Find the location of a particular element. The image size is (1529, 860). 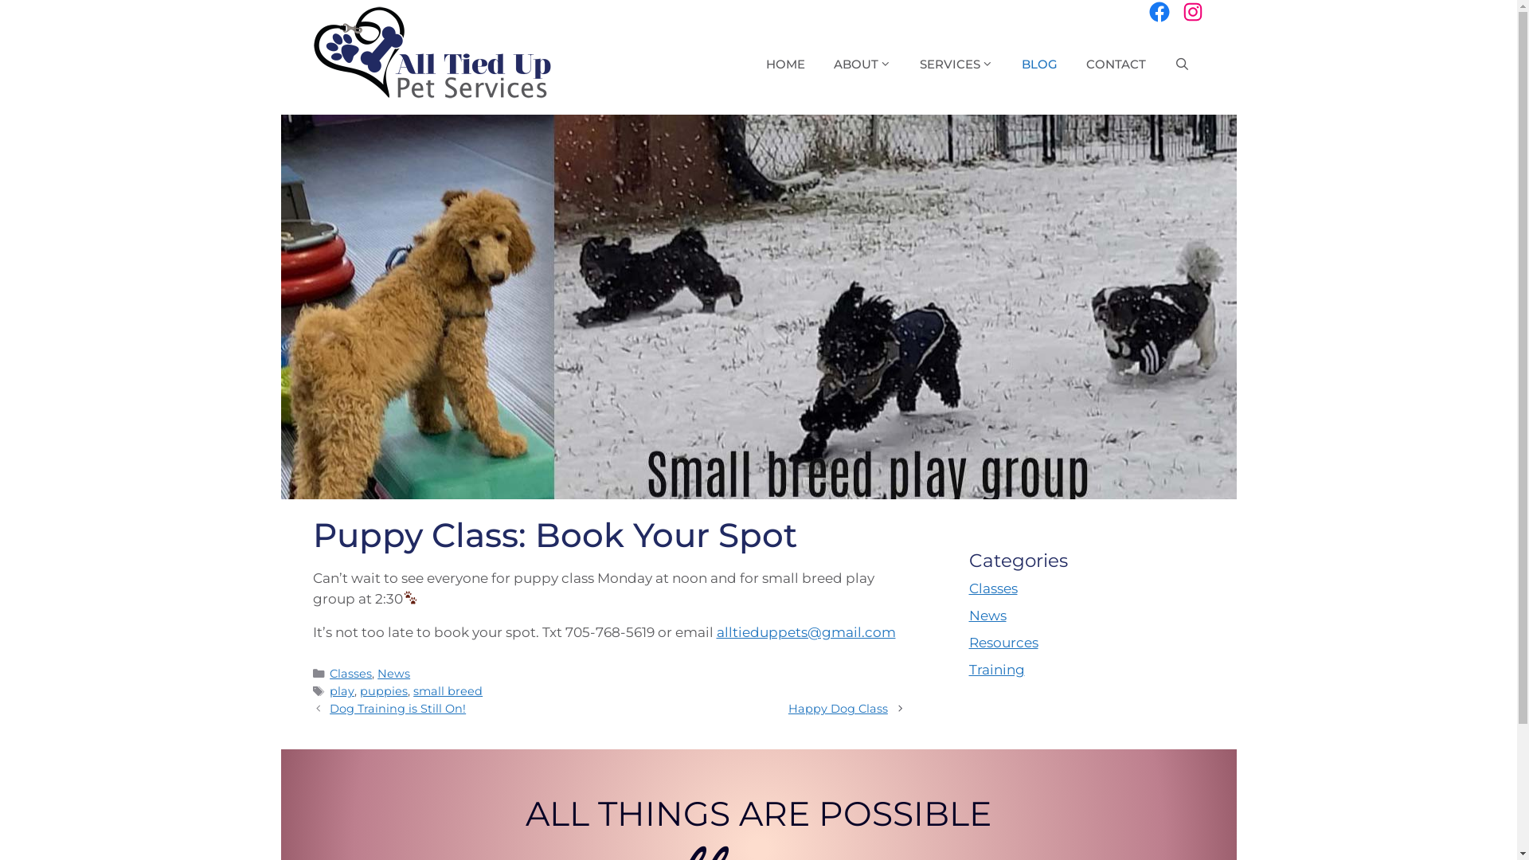

'SERVICES' is located at coordinates (905, 64).